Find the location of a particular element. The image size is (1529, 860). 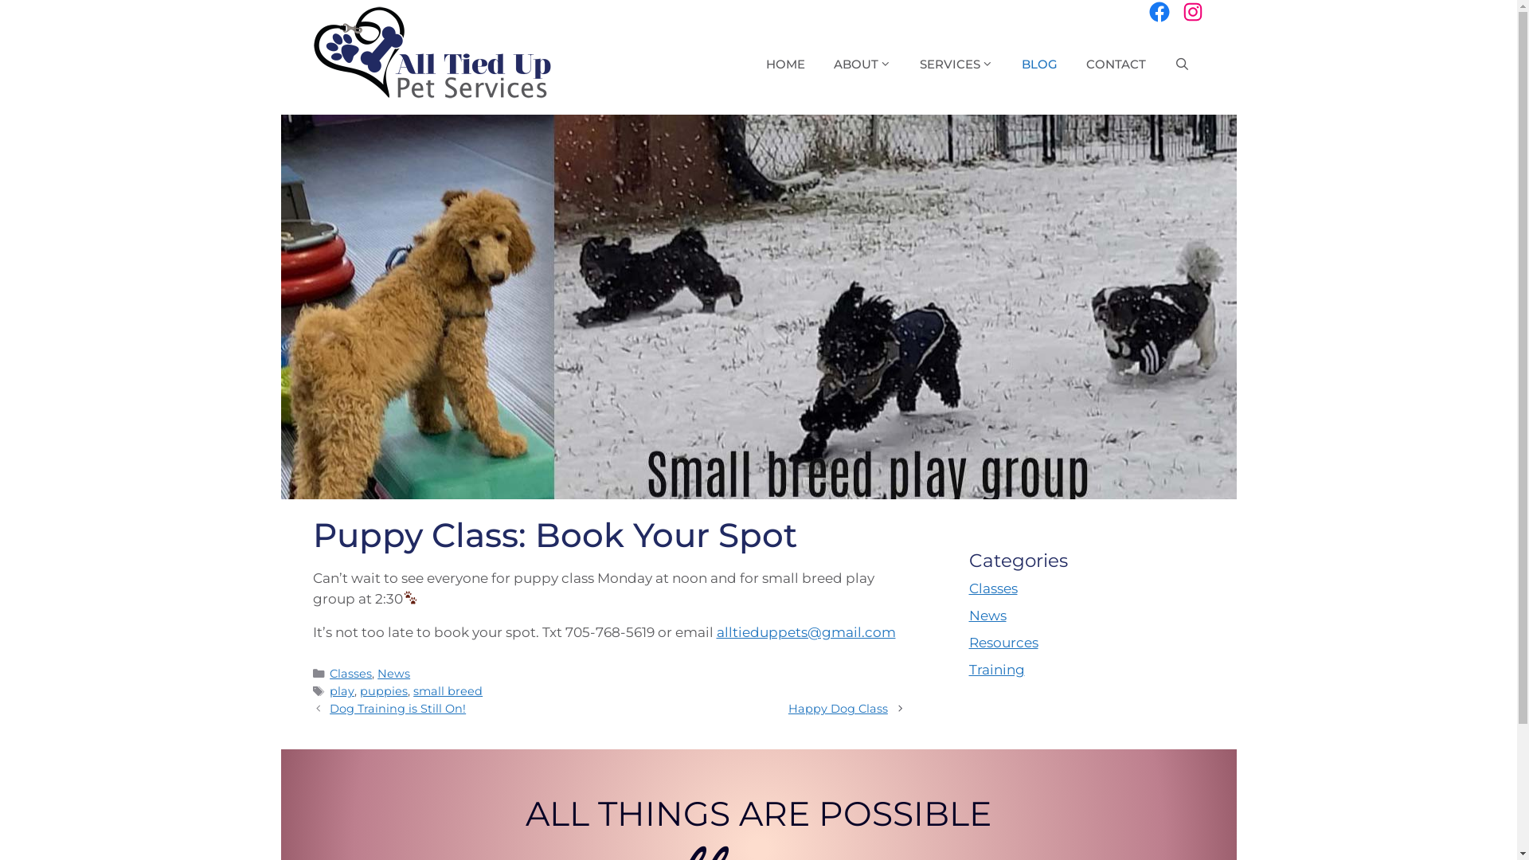

'SERVICES' is located at coordinates (905, 64).